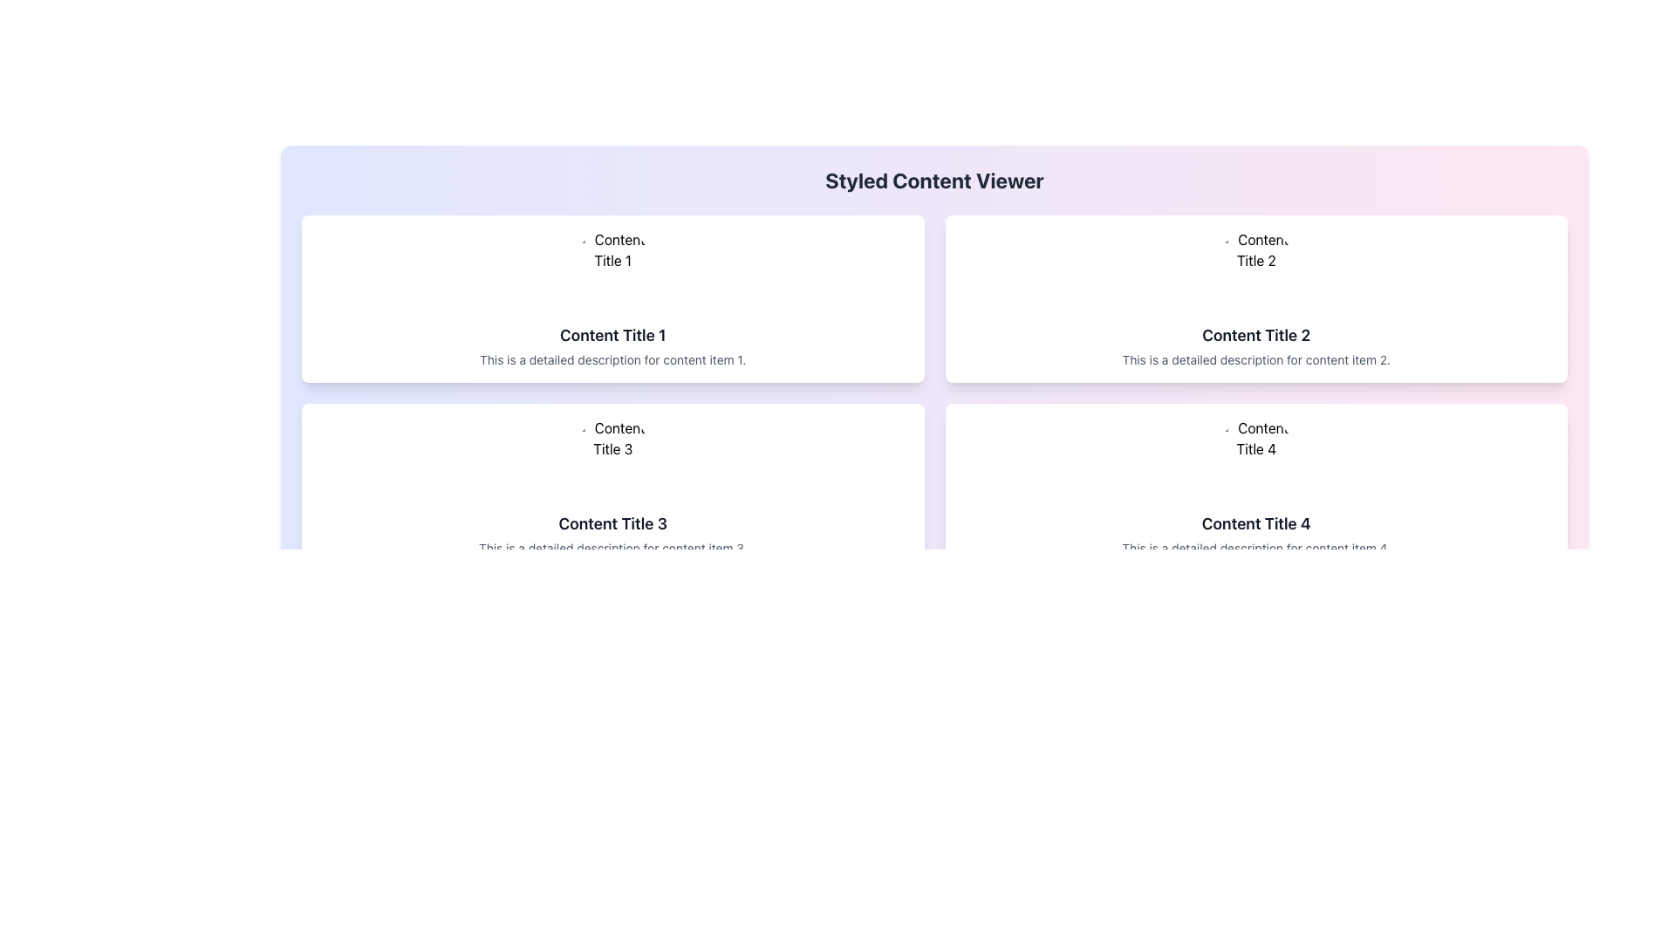 The height and width of the screenshot is (942, 1675). What do you see at coordinates (612, 336) in the screenshot?
I see `and quote the text 'Content Title 1' from the header styled with a bold and large font within the top-left card` at bounding box center [612, 336].